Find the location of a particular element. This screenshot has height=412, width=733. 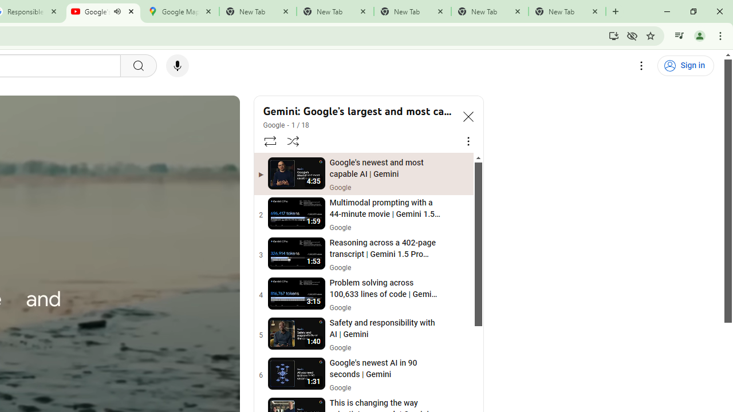

'Collapse' is located at coordinates (468, 116).